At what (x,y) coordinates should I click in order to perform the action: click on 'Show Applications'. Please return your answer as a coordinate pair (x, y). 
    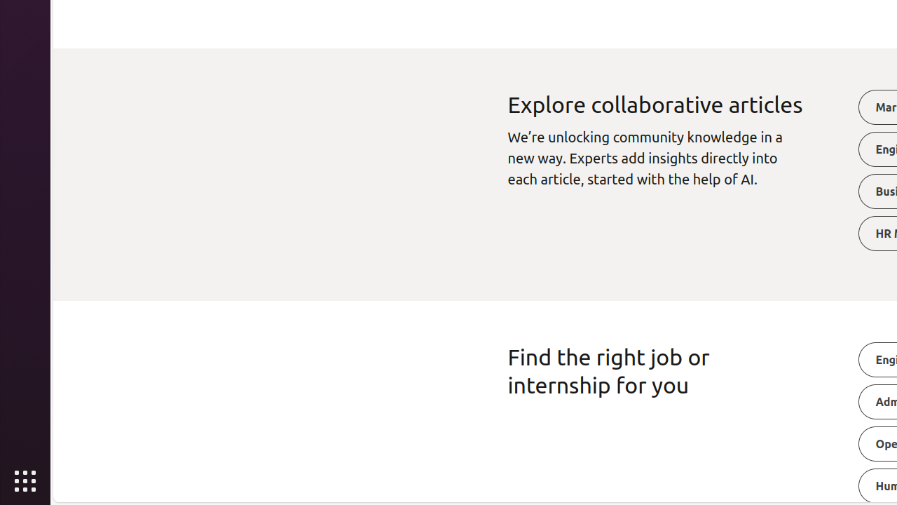
    Looking at the image, I should click on (25, 480).